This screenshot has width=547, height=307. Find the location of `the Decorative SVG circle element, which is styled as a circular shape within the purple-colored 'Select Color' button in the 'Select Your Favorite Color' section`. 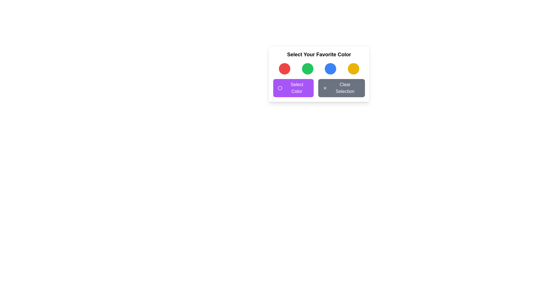

the Decorative SVG circle element, which is styled as a circular shape within the purple-colored 'Select Color' button in the 'Select Your Favorite Color' section is located at coordinates (280, 88).